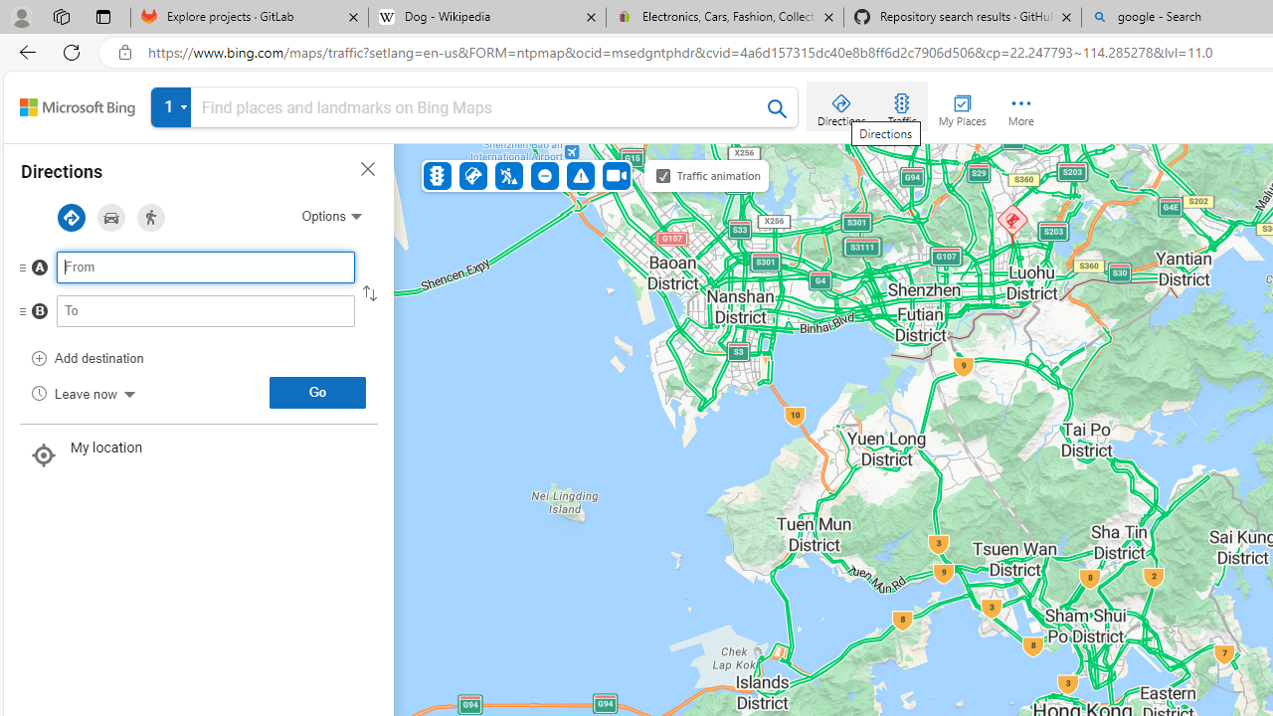  I want to click on 'Road Closures', so click(544, 174).